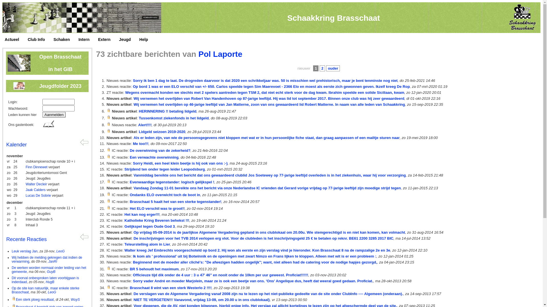  What do you see at coordinates (175, 201) in the screenshot?
I see `'Brasschaat 5 haalt het van een sterke tegenstander!'` at bounding box center [175, 201].